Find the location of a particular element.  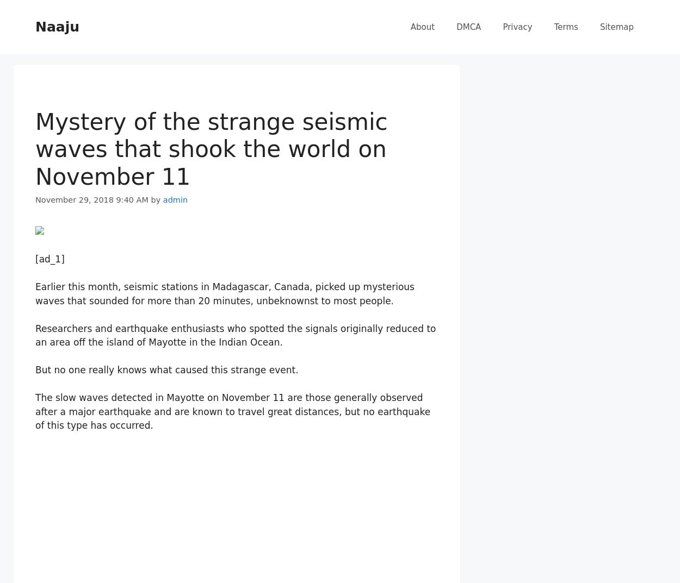

'by' is located at coordinates (157, 199).